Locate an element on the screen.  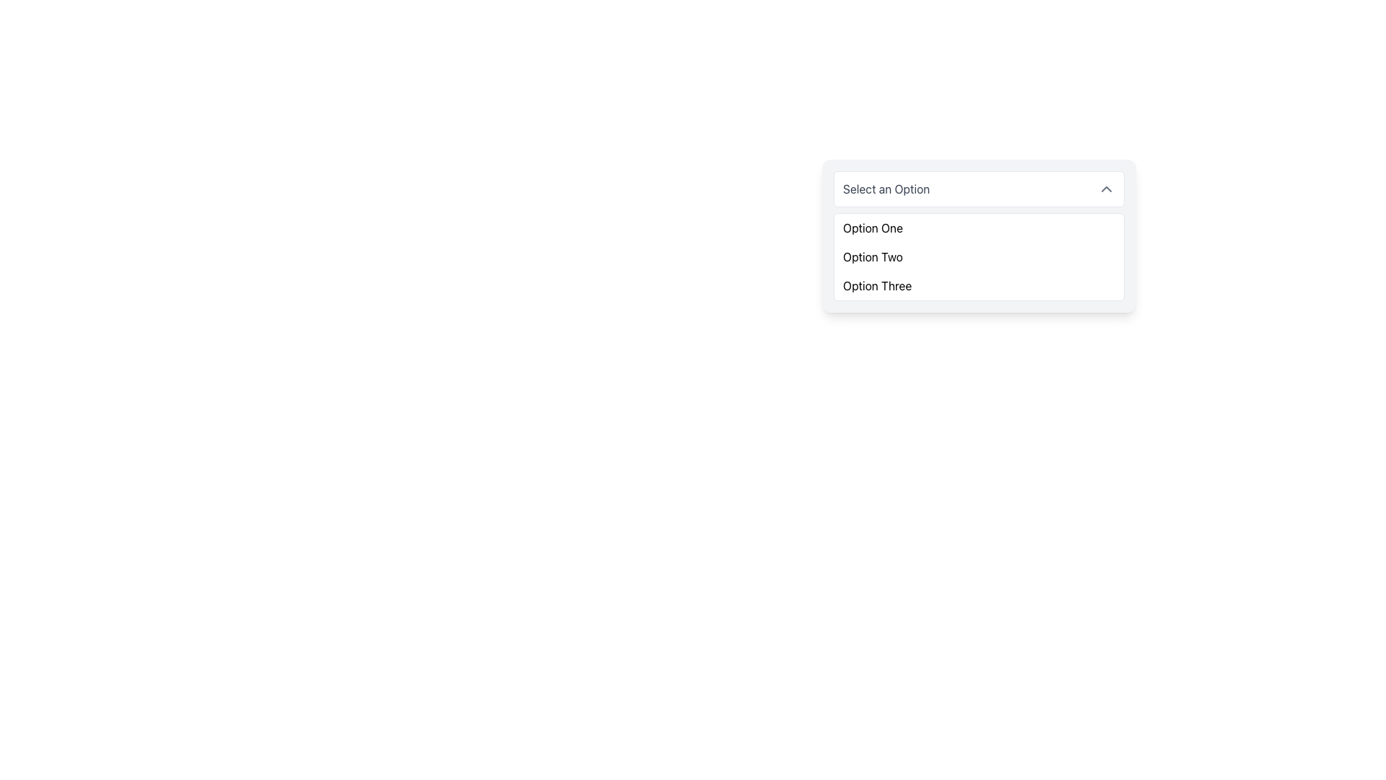
the second item in the dropdown menu, which is labeled 'Option Two' is located at coordinates (979, 256).